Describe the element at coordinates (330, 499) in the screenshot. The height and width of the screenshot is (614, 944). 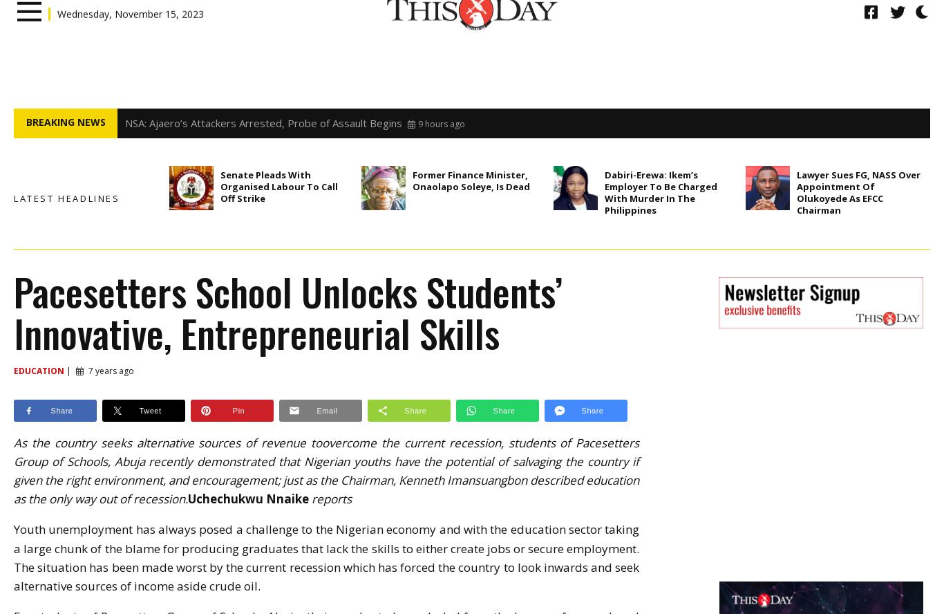
I see `'reports'` at that location.